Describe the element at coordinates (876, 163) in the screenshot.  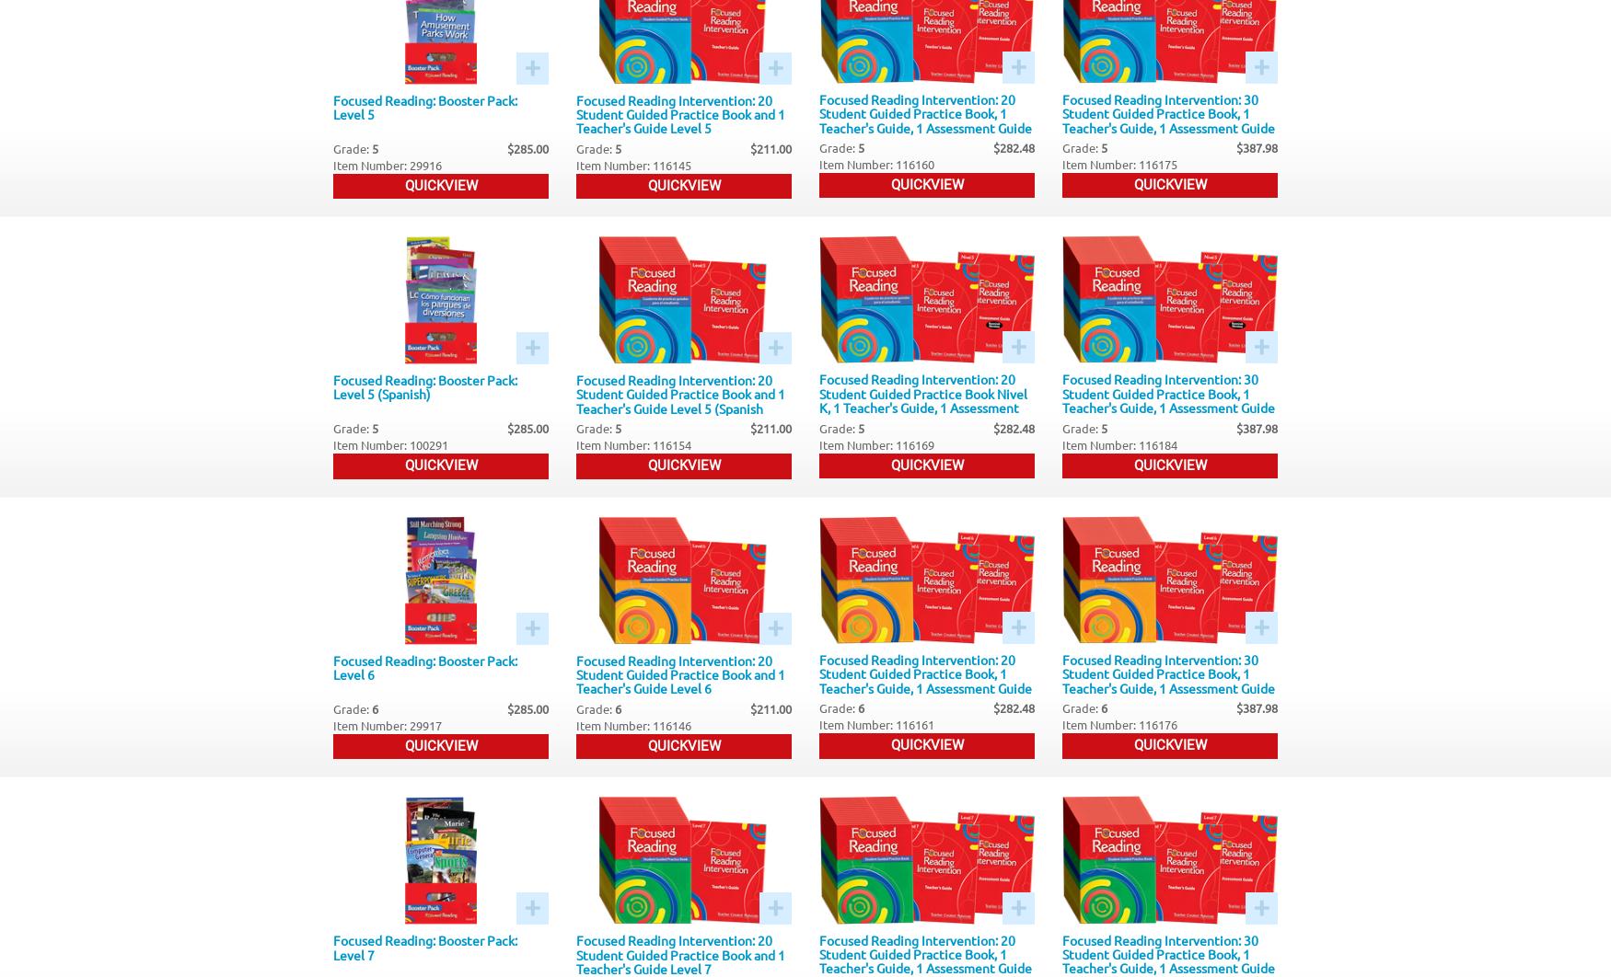
I see `'Item Number: 116160'` at that location.